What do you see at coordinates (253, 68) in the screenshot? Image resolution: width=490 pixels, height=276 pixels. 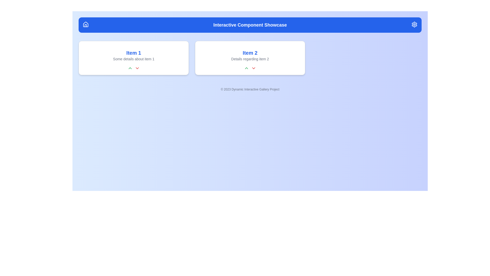 I see `the icon button located at the bottom-right corner of the 'Item 2' card` at bounding box center [253, 68].